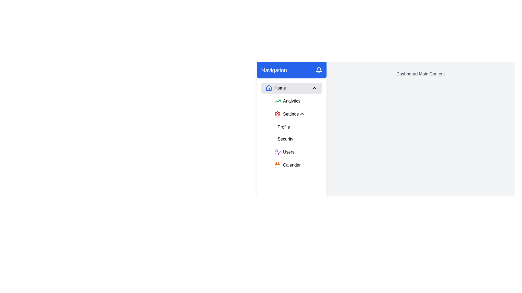 This screenshot has height=293, width=522. What do you see at coordinates (269, 89) in the screenshot?
I see `the vertical rectangular icon that is part of the house-shaped icon located at the top of the sidebar navigation panel` at bounding box center [269, 89].